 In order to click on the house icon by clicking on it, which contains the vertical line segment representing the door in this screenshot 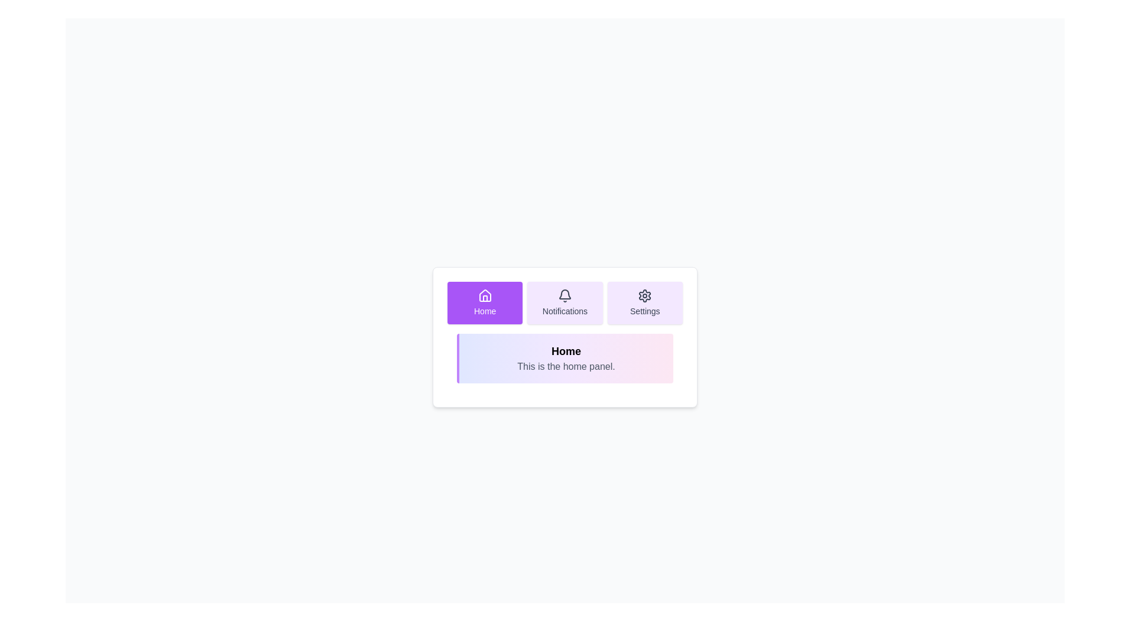, I will do `click(485, 298)`.